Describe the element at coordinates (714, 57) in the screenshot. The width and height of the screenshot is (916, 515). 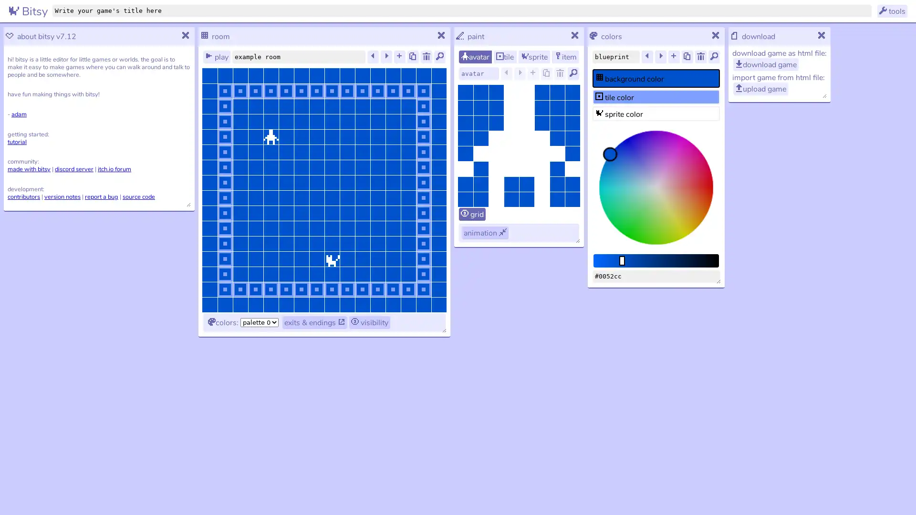
I see `open find tool: colors` at that location.